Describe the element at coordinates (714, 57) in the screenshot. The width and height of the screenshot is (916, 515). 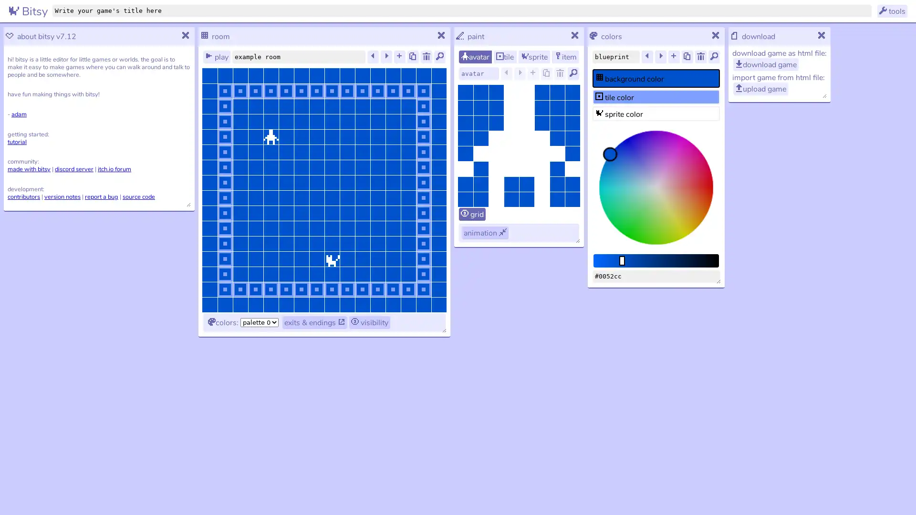
I see `open find tool: colors` at that location.